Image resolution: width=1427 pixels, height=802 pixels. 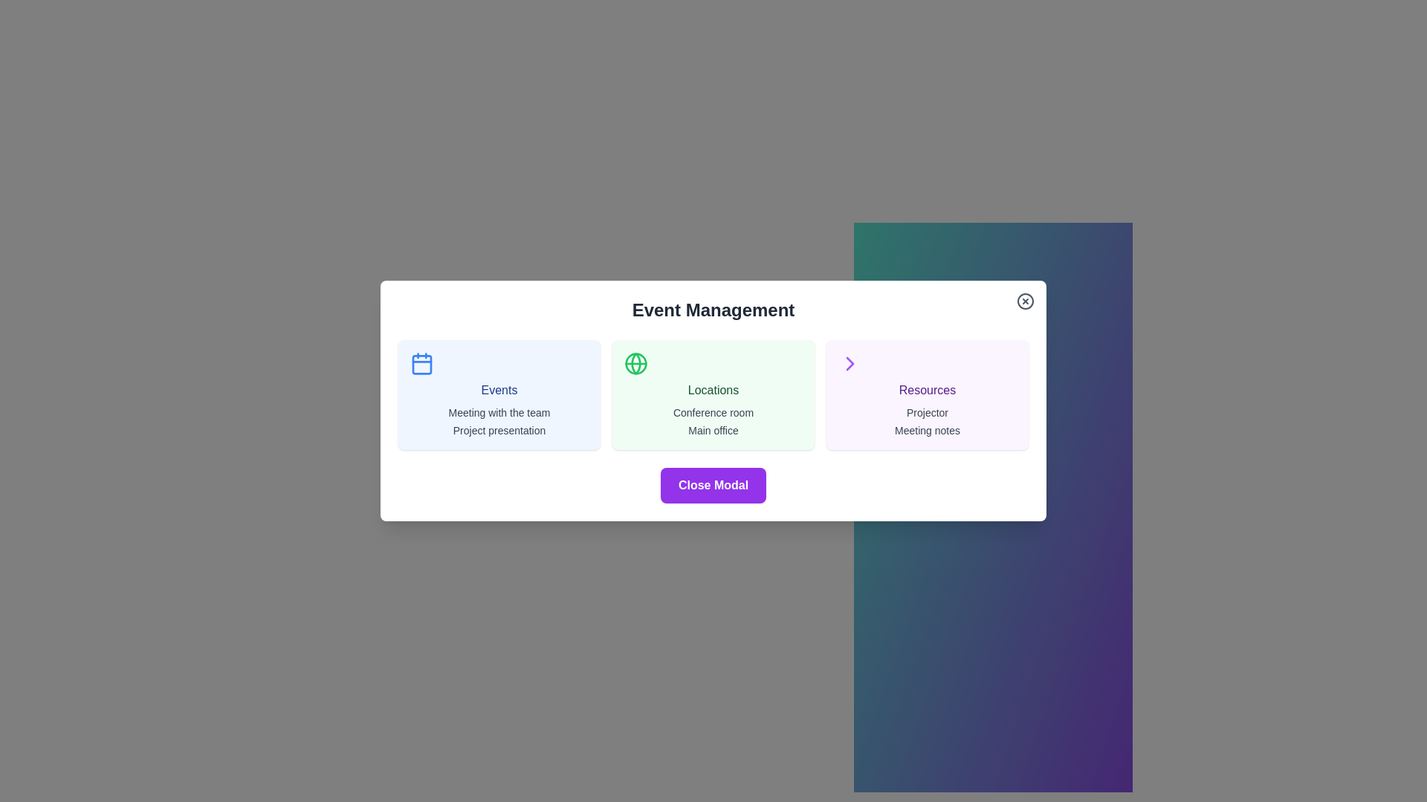 What do you see at coordinates (499, 389) in the screenshot?
I see `the Text label that summarizes the section's content, located below a calendar icon and above the lines 'Meeting with the team' and 'Project presentation'` at bounding box center [499, 389].